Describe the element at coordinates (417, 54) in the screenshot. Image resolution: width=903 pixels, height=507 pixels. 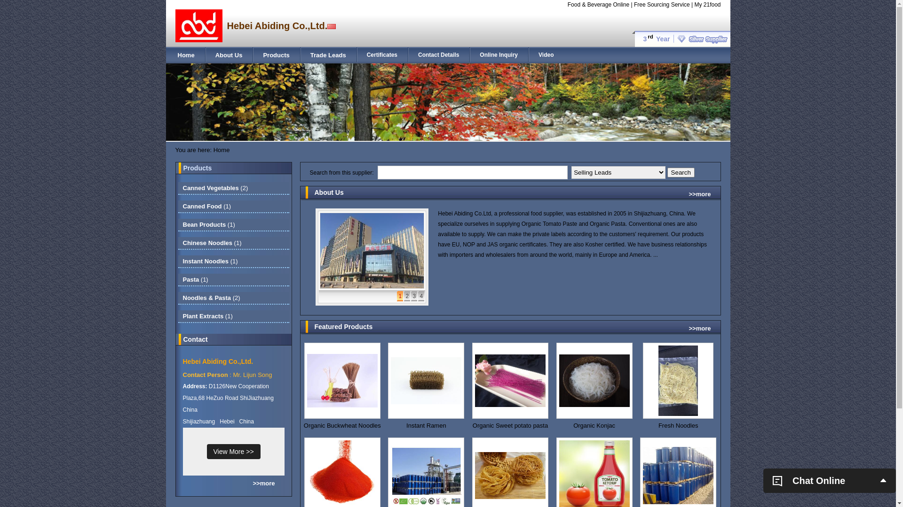
I see `'Contact Details'` at that location.